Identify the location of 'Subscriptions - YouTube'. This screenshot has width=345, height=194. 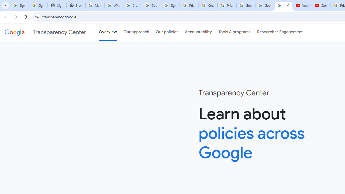
(321, 5).